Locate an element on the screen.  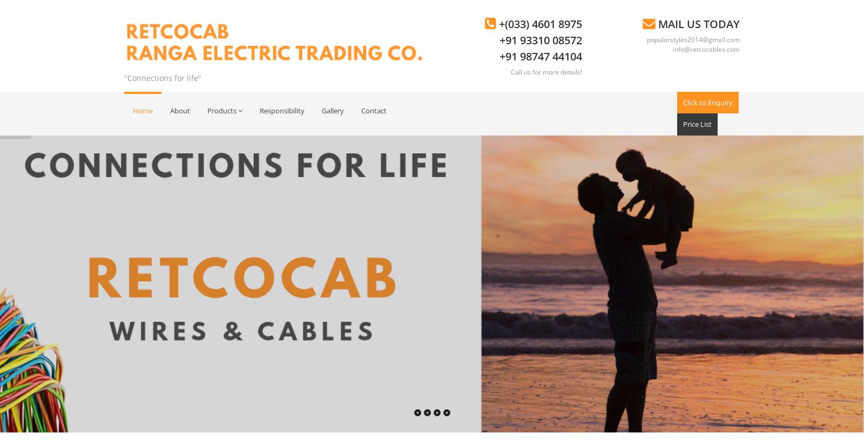
'Products' is located at coordinates (221, 110).